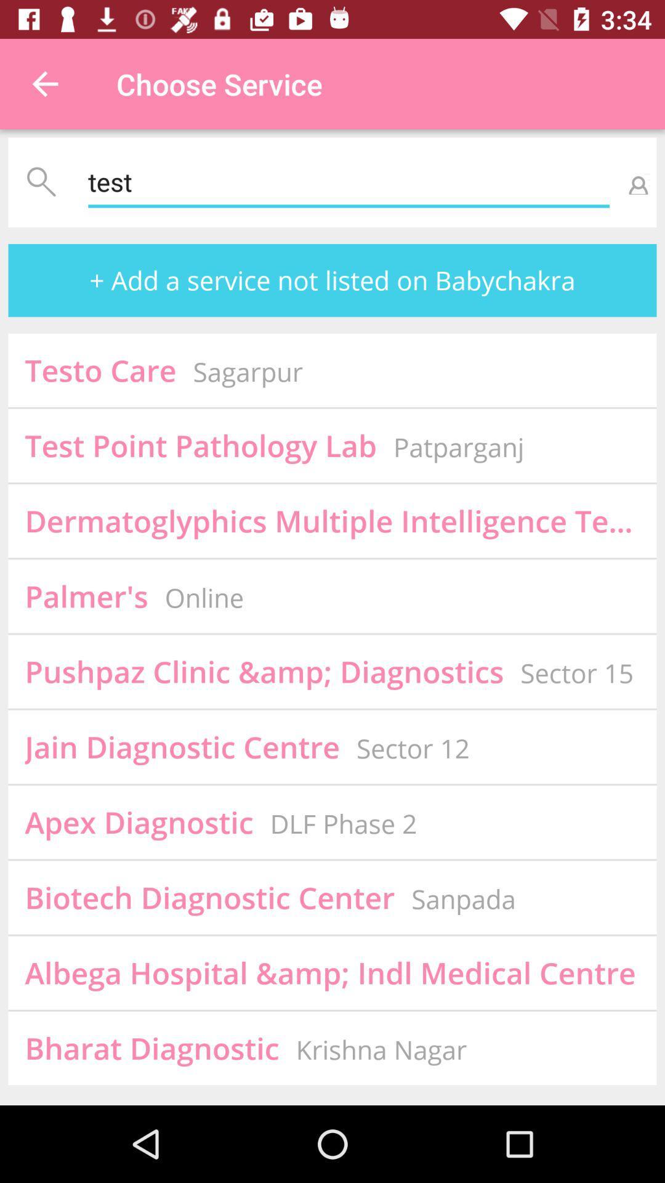 The height and width of the screenshot is (1183, 665). I want to click on the icon to the right of apex diagnostic, so click(344, 823).